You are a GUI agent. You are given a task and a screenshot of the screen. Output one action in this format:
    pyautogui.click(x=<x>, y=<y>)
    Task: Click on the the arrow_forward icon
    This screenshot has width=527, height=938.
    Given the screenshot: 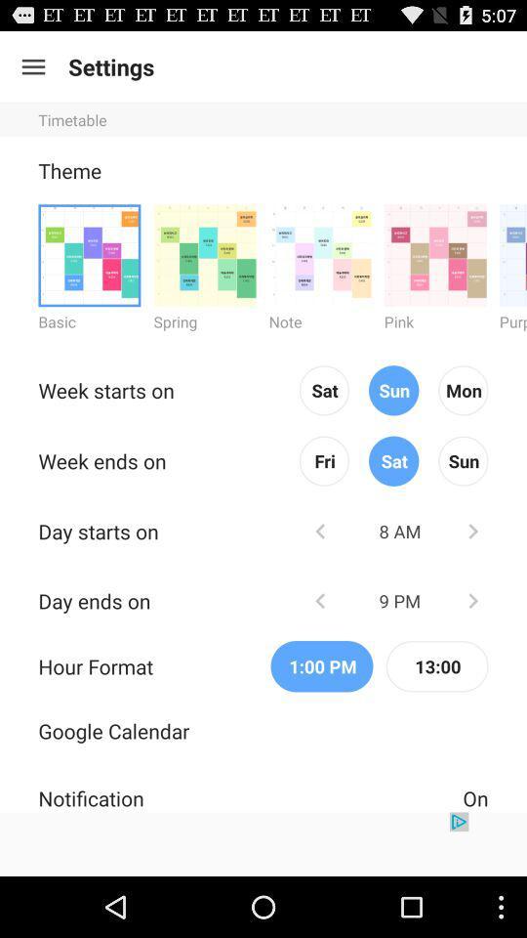 What is the action you would take?
    pyautogui.click(x=471, y=568)
    